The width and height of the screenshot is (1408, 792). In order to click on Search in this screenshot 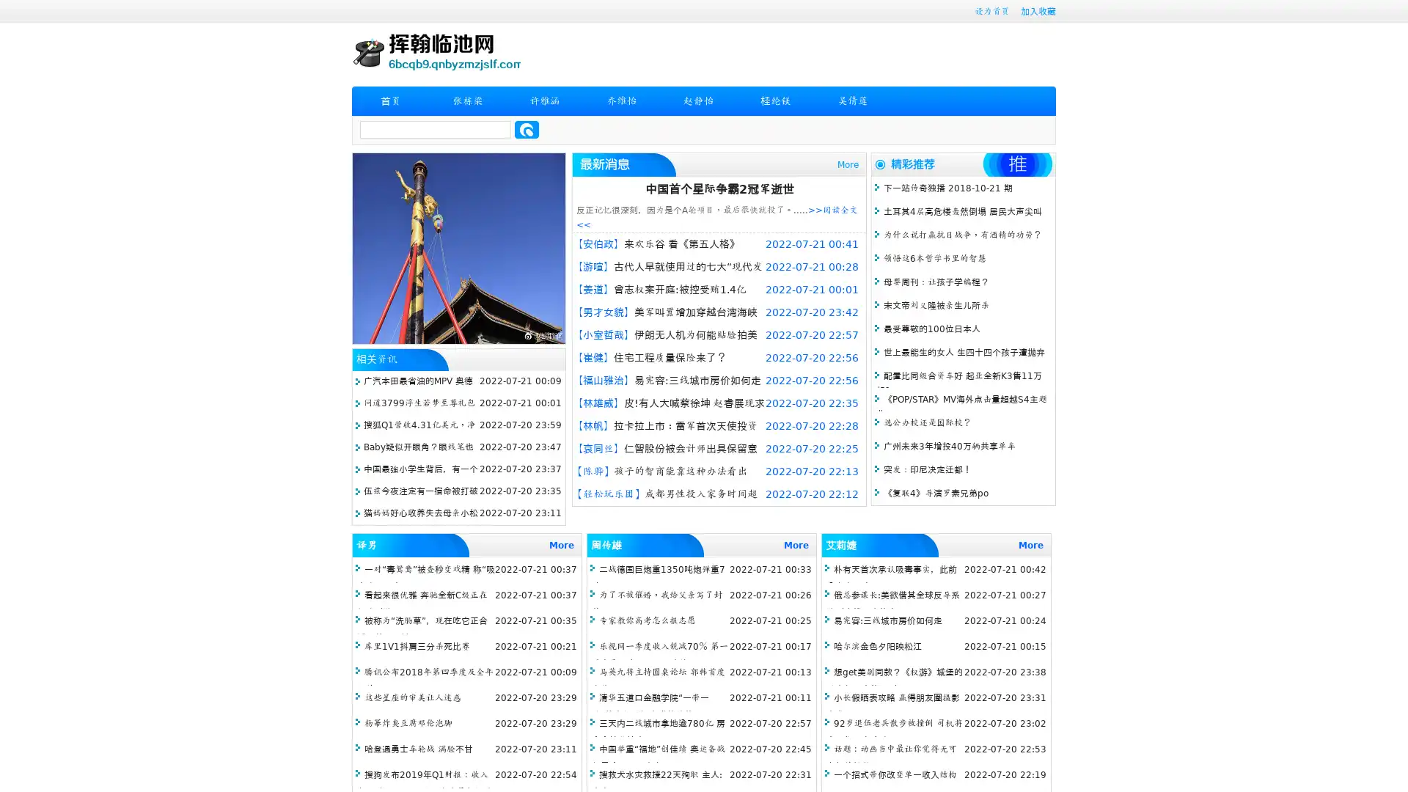, I will do `click(527, 129)`.